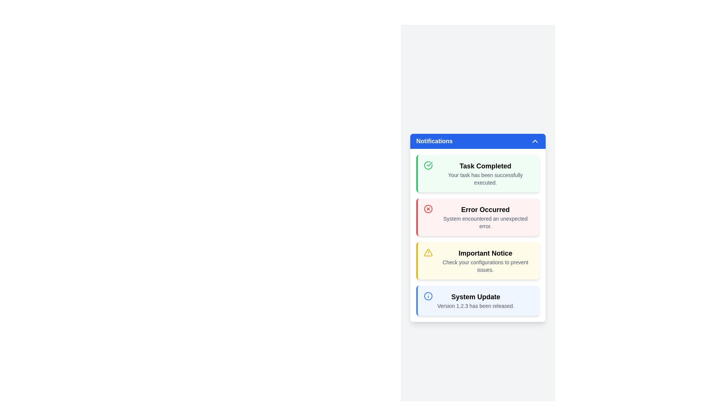 The image size is (722, 406). Describe the element at coordinates (475, 300) in the screenshot. I see `informative text block titled 'System Update' which states 'Version 1.2.3 has been released.' located in the last notification card of the vertically stacked list` at that location.